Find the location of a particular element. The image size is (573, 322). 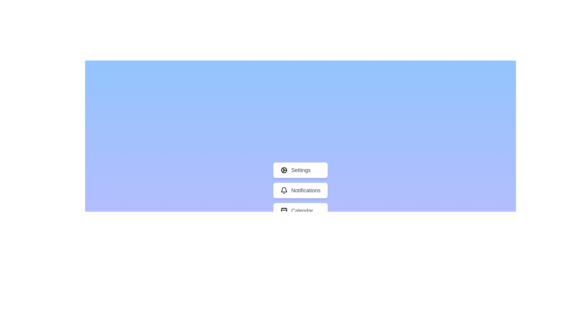

the Notifications button to select the corresponding action is located at coordinates (301, 191).